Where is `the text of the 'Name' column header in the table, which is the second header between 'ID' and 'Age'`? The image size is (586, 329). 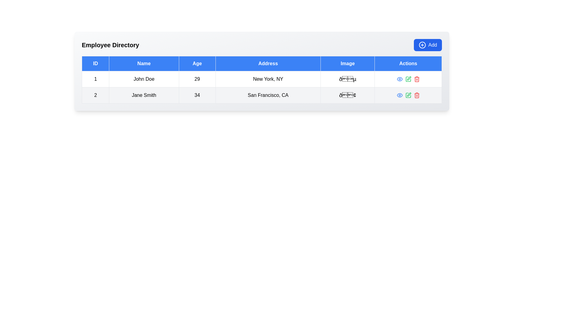
the text of the 'Name' column header in the table, which is the second header between 'ID' and 'Age' is located at coordinates (143, 63).